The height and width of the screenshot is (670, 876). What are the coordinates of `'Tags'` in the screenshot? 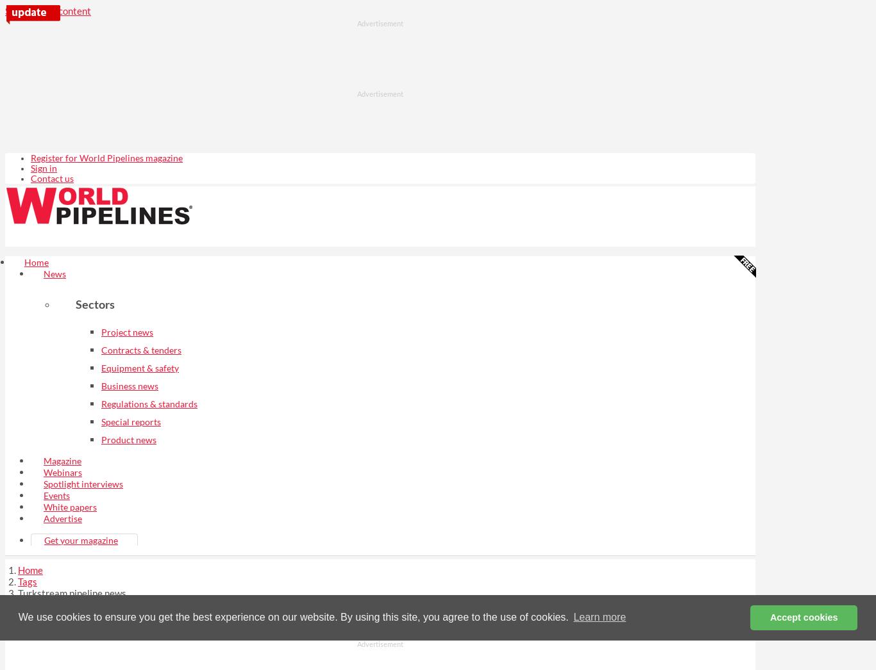 It's located at (28, 580).